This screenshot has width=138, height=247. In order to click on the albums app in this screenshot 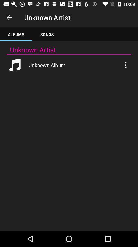, I will do `click(16, 34)`.